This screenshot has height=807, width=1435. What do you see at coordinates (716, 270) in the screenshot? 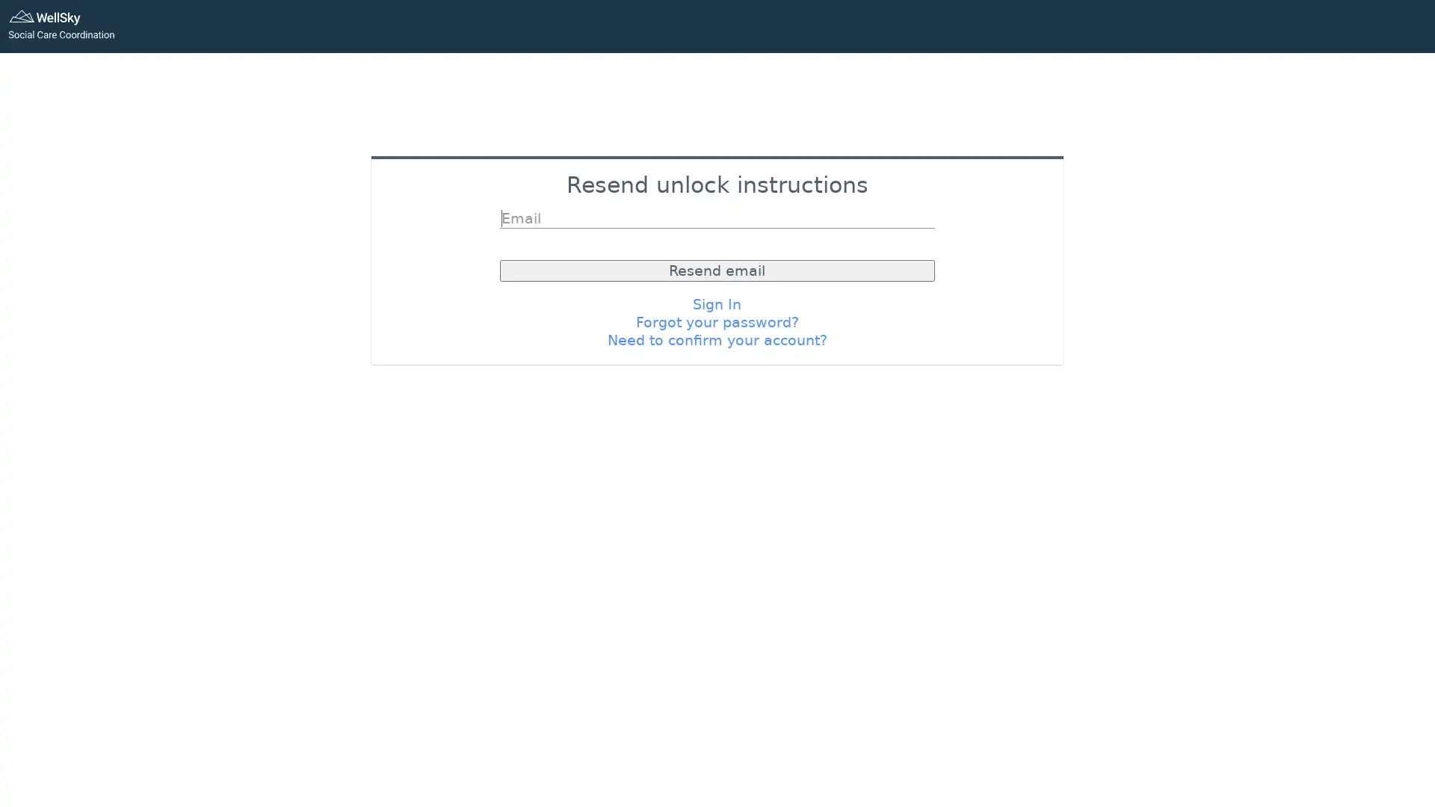
I see `Resend email` at bounding box center [716, 270].